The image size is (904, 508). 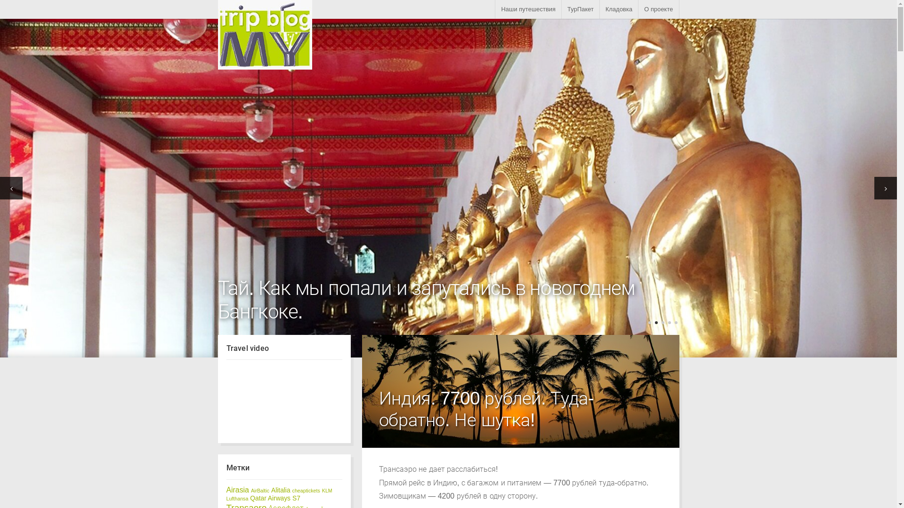 What do you see at coordinates (296, 498) in the screenshot?
I see `'S7'` at bounding box center [296, 498].